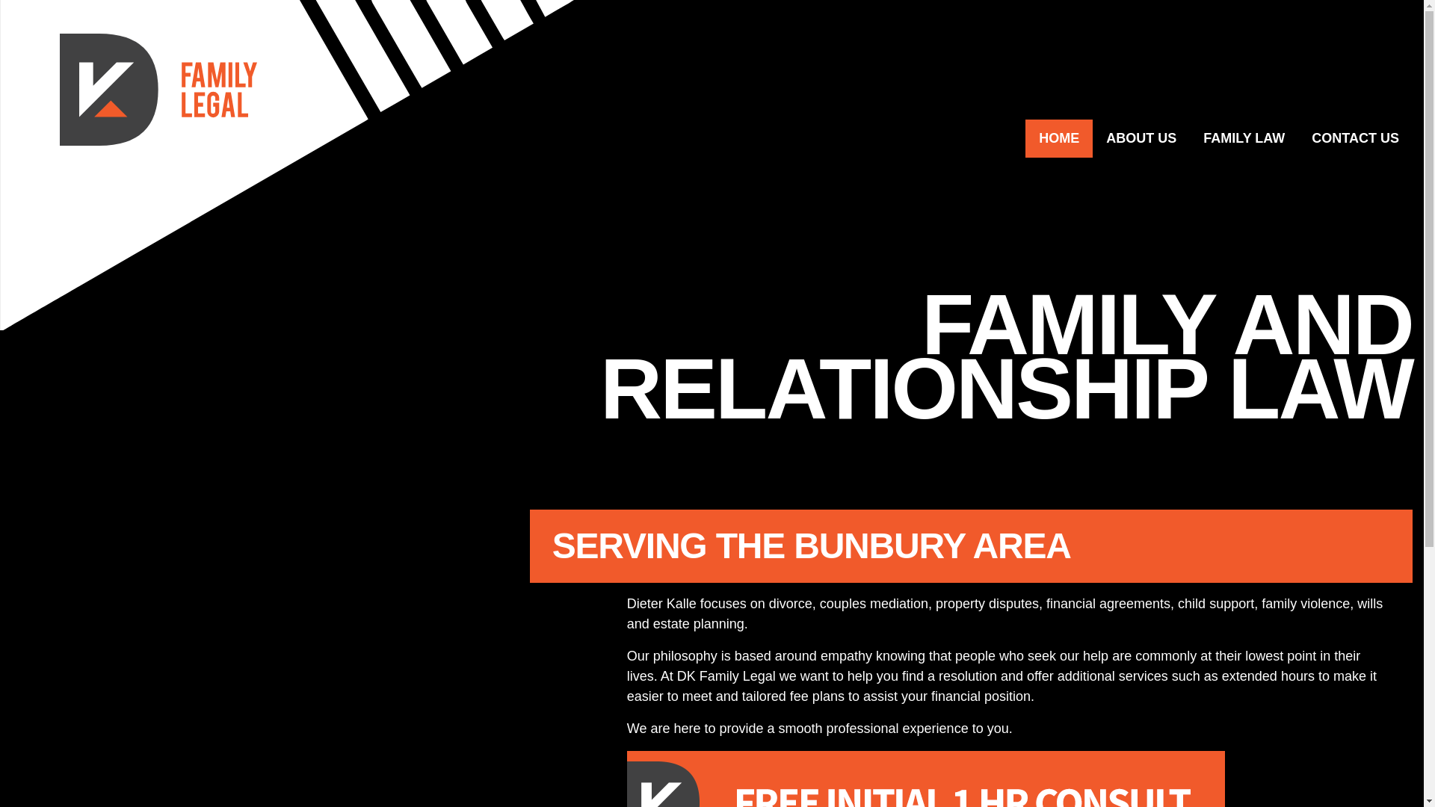  I want to click on 'ABOUT US', so click(1140, 138).